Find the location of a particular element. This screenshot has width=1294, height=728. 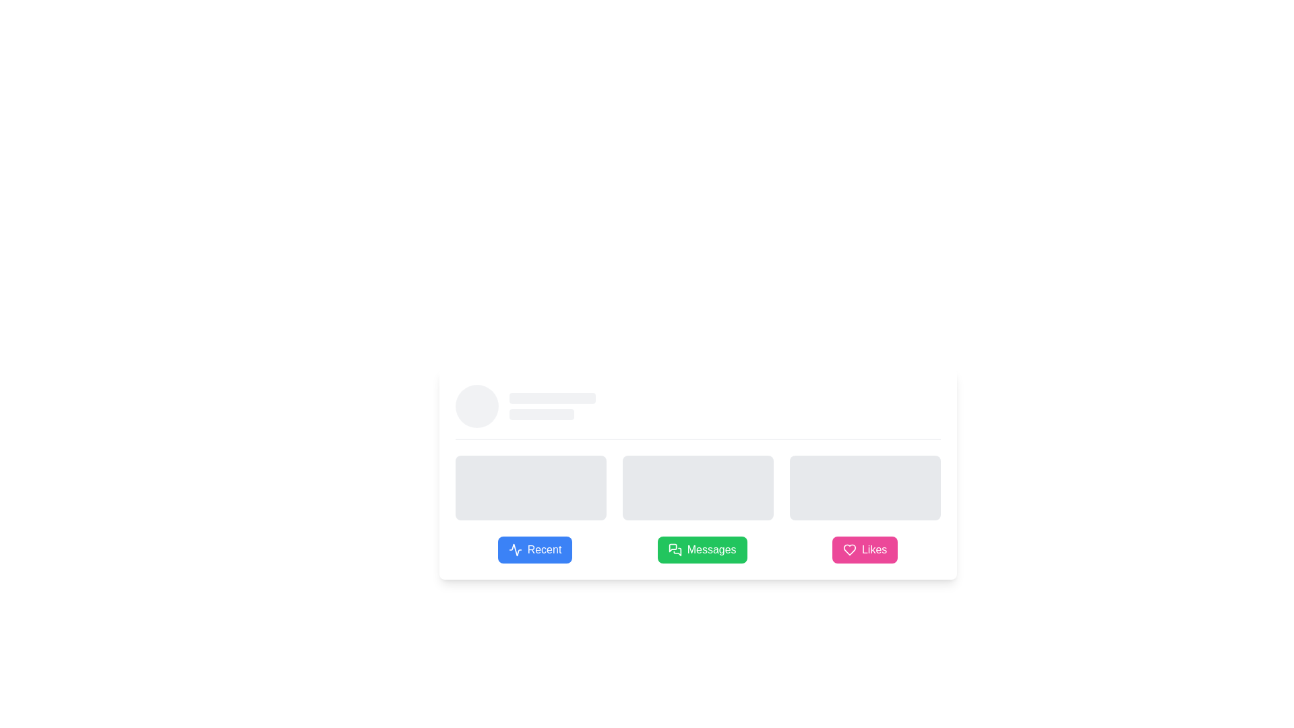

the heart-shaped icon filled with pink color, located inside the button labeled 'Likes' at the bottom-right corner of the interface is located at coordinates (849, 550).